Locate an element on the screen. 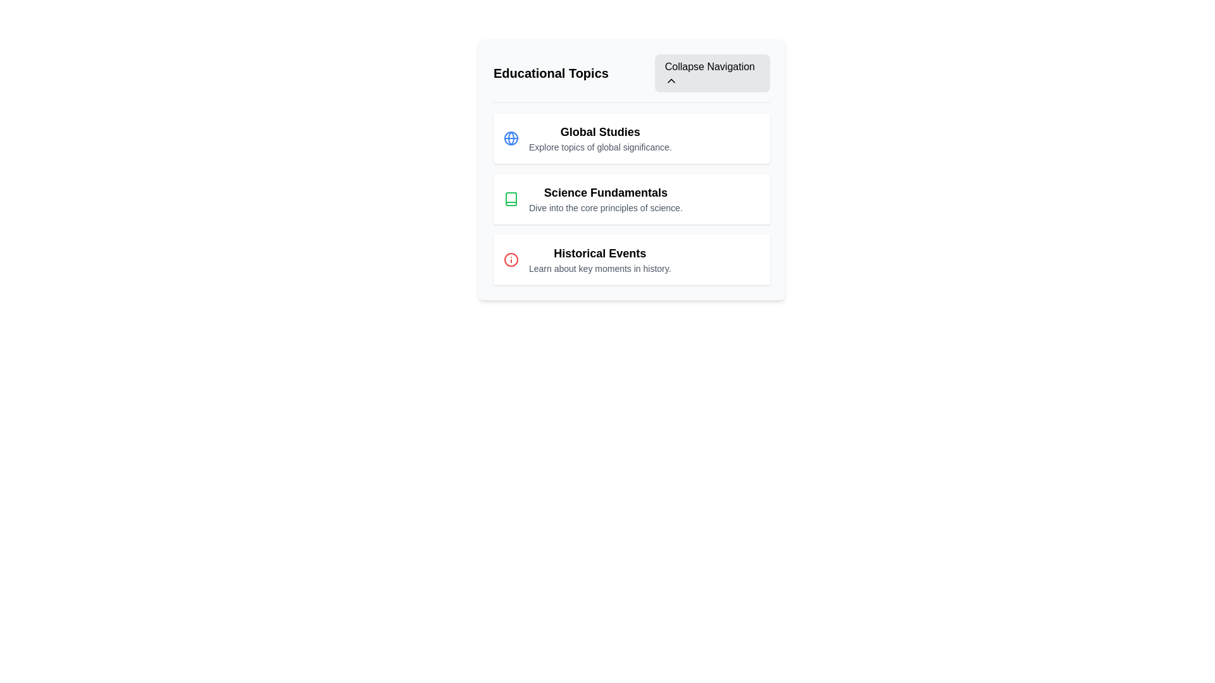  the circular shape of the 'Global Studies' icon, which is the leftmost icon in the 'Global Studies' section, located within the uppermost card of the 'Educational Topics' panel is located at coordinates (511, 138).